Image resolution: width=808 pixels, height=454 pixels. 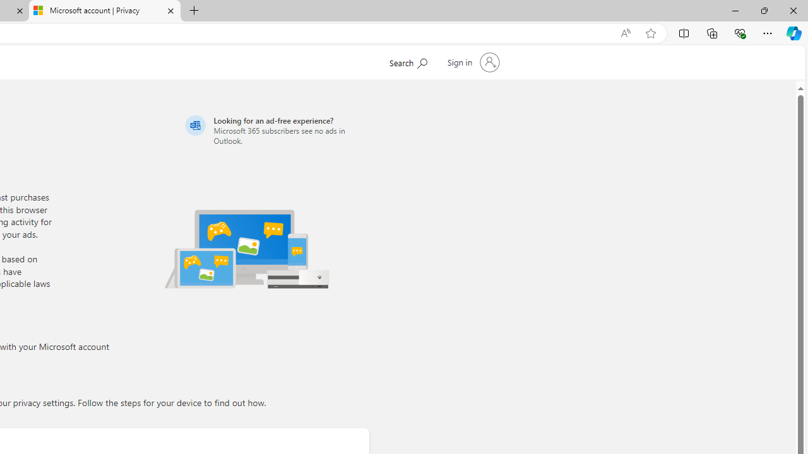 What do you see at coordinates (170, 11) in the screenshot?
I see `'Close tab'` at bounding box center [170, 11].